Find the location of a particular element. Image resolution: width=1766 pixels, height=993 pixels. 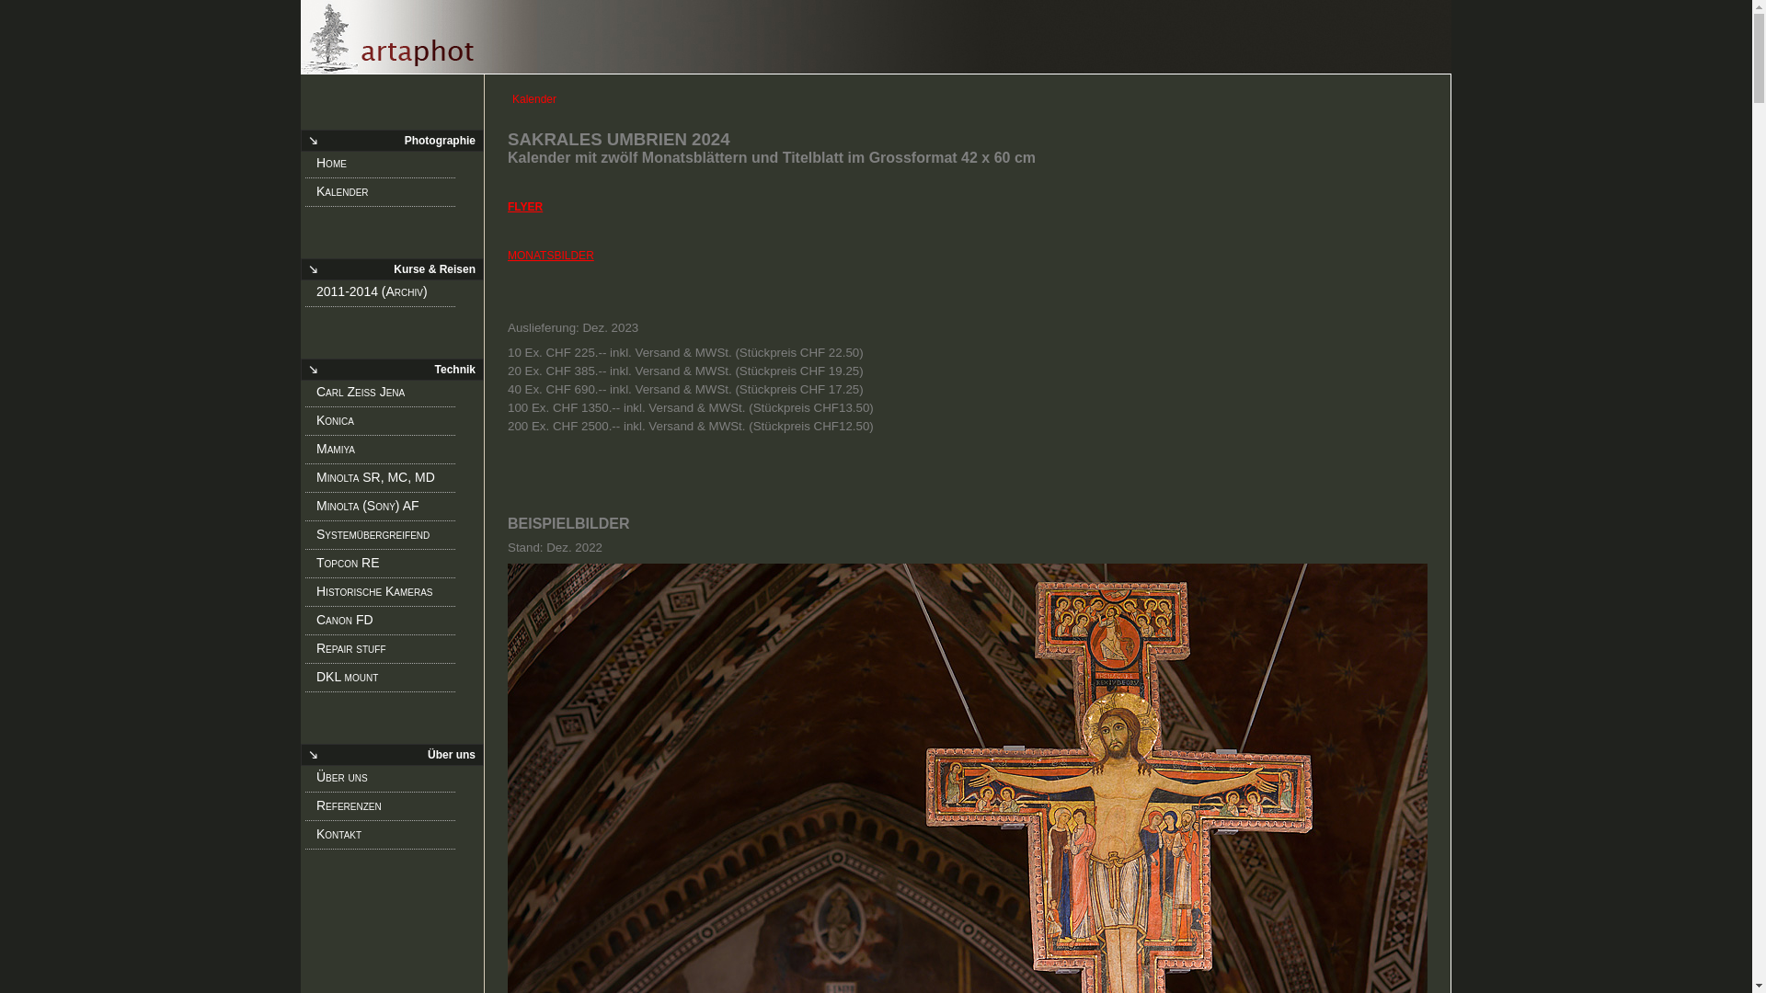

'MONATSBILDER' is located at coordinates (550, 255).